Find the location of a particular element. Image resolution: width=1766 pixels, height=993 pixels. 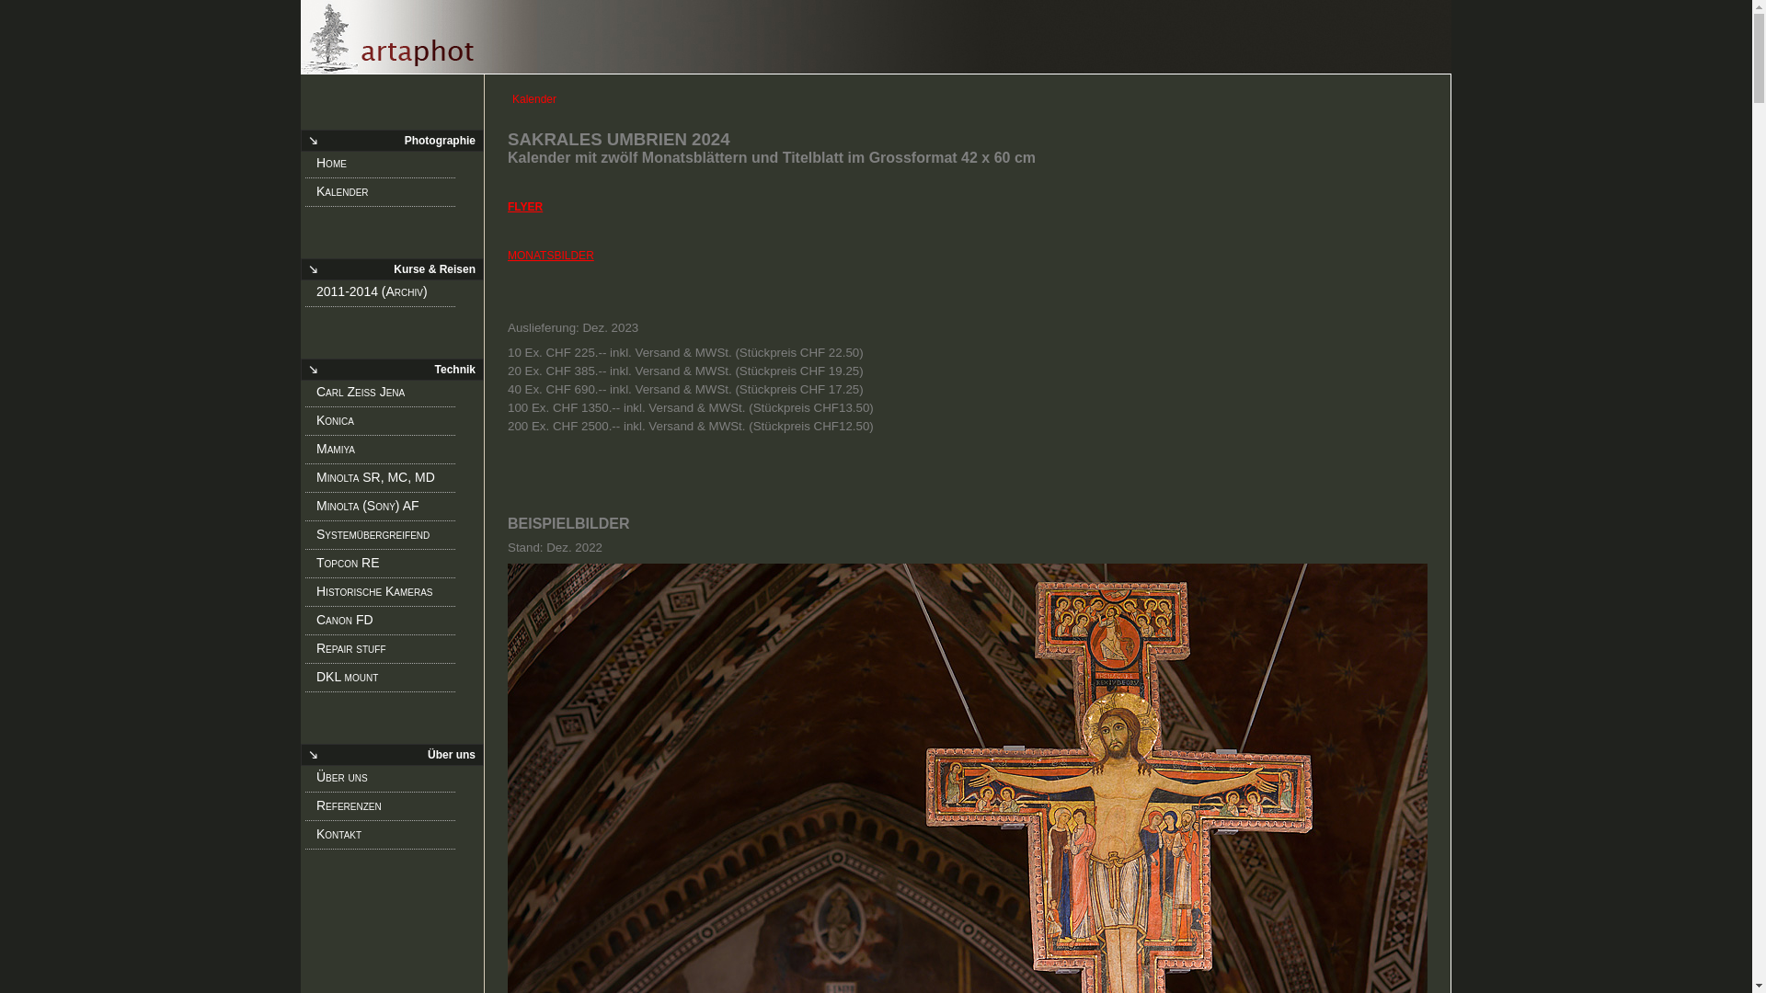

'MONATSBILDER' is located at coordinates (550, 255).